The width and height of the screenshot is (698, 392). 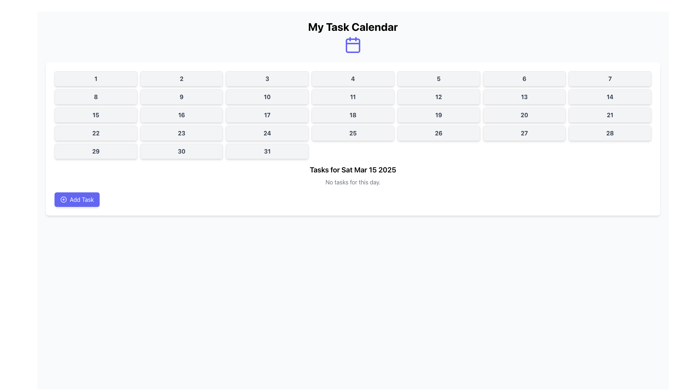 What do you see at coordinates (63, 200) in the screenshot?
I see `the circular icon that represents the addition of a new task, located within the 'Add Task' button` at bounding box center [63, 200].